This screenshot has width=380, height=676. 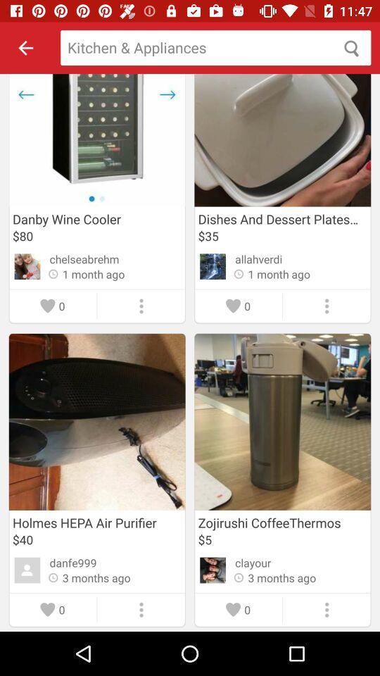 What do you see at coordinates (252, 563) in the screenshot?
I see `icon above 3 months ago item` at bounding box center [252, 563].